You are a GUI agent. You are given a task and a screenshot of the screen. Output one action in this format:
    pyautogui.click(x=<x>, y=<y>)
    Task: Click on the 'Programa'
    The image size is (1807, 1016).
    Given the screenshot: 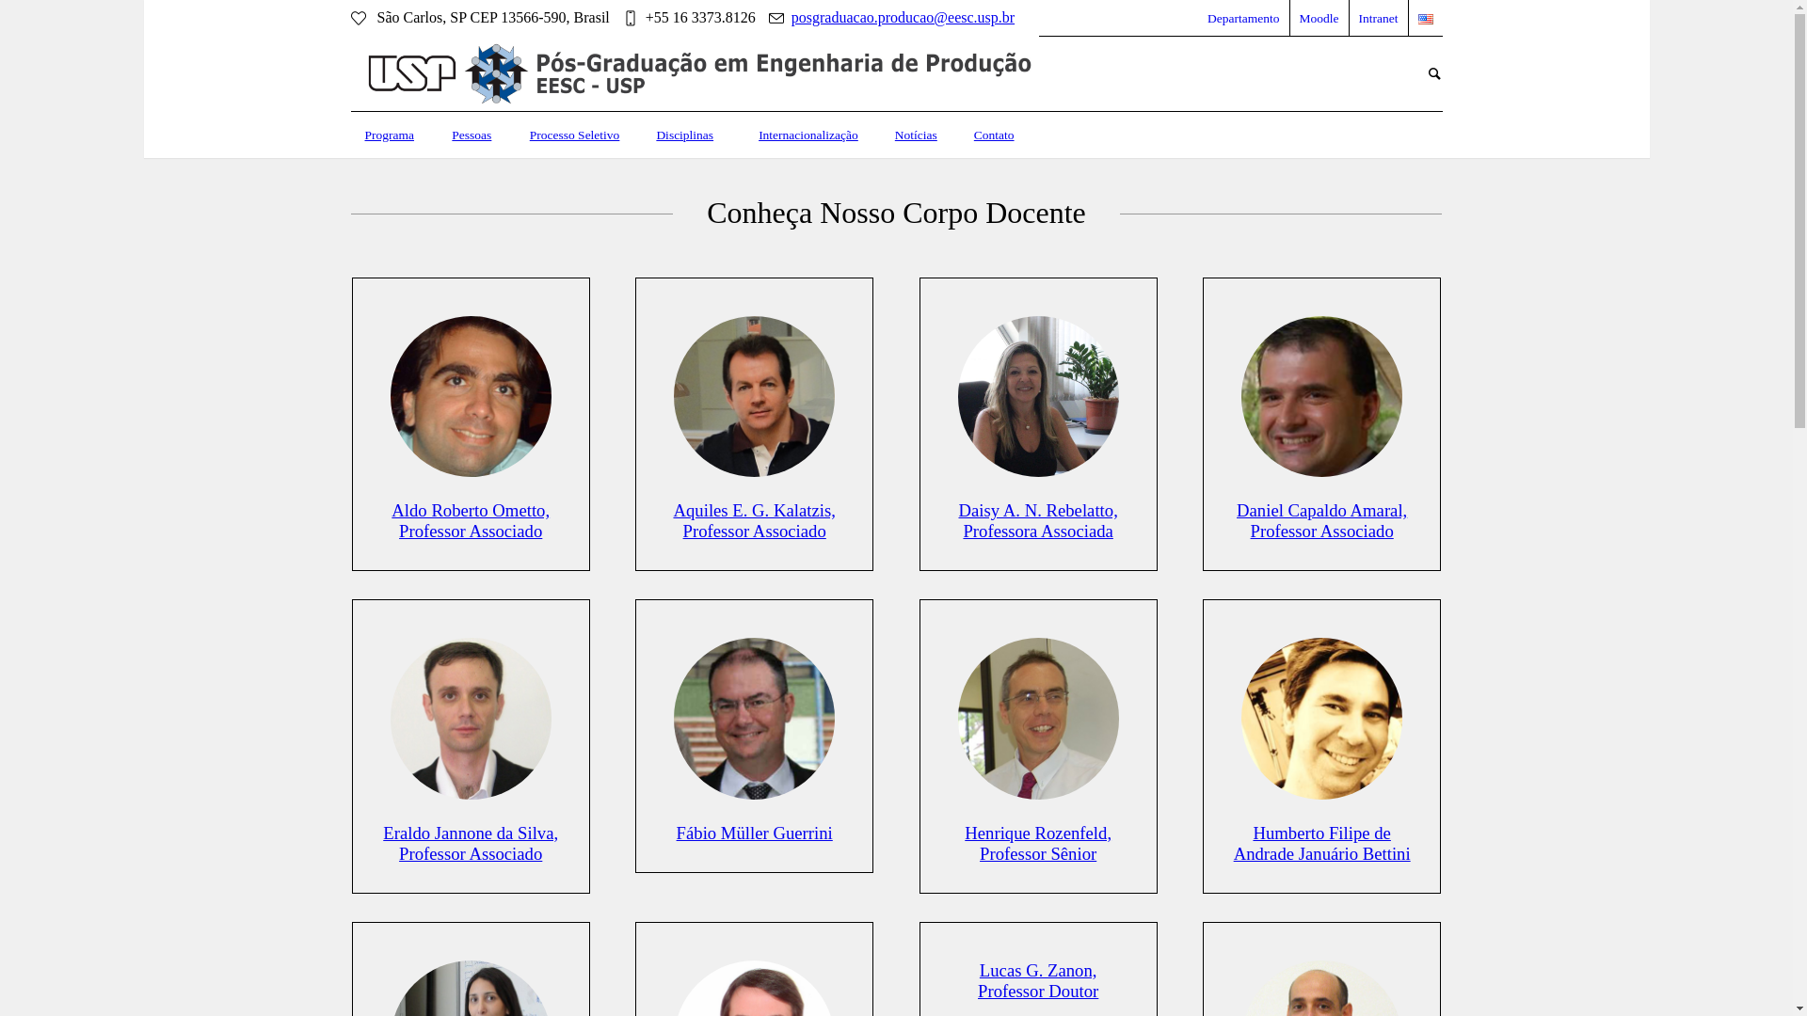 What is the action you would take?
    pyautogui.click(x=350, y=134)
    